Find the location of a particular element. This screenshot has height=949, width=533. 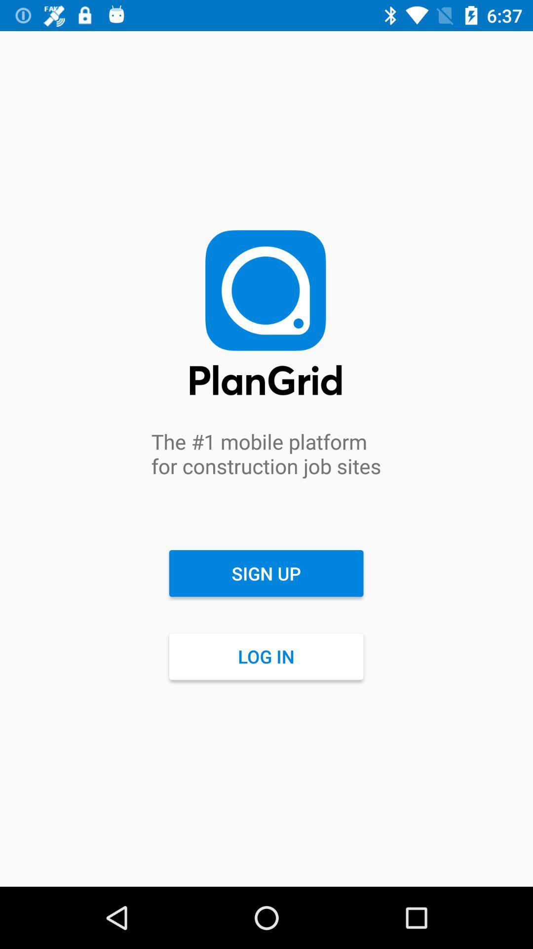

the sign up item is located at coordinates (266, 573).